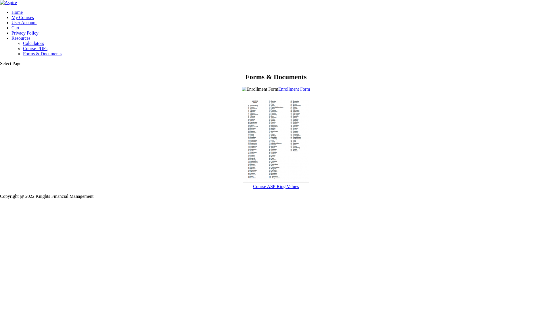 The height and width of the screenshot is (311, 552). What do you see at coordinates (275, 184) in the screenshot?
I see `'Course ASPiRing Values'` at bounding box center [275, 184].